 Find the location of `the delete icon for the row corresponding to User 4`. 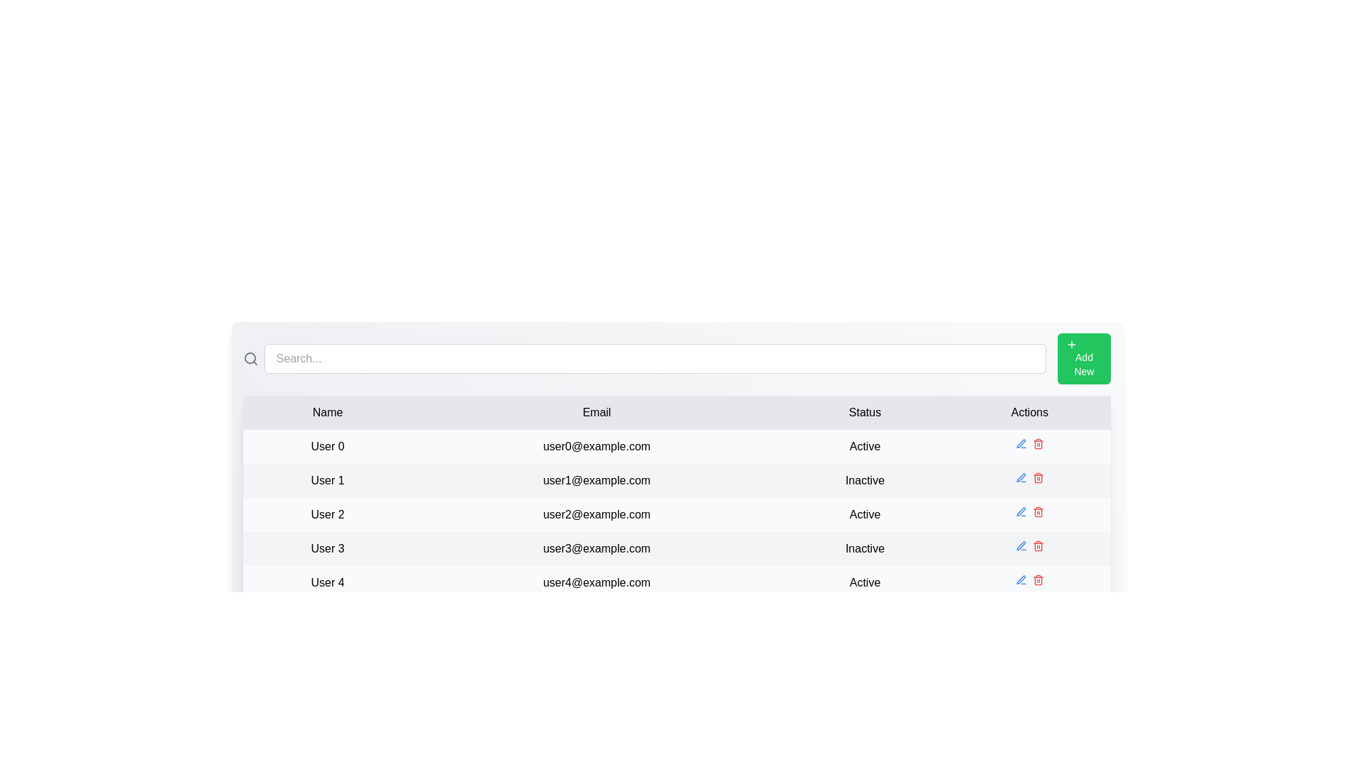

the delete icon for the row corresponding to User 4 is located at coordinates (1038, 579).